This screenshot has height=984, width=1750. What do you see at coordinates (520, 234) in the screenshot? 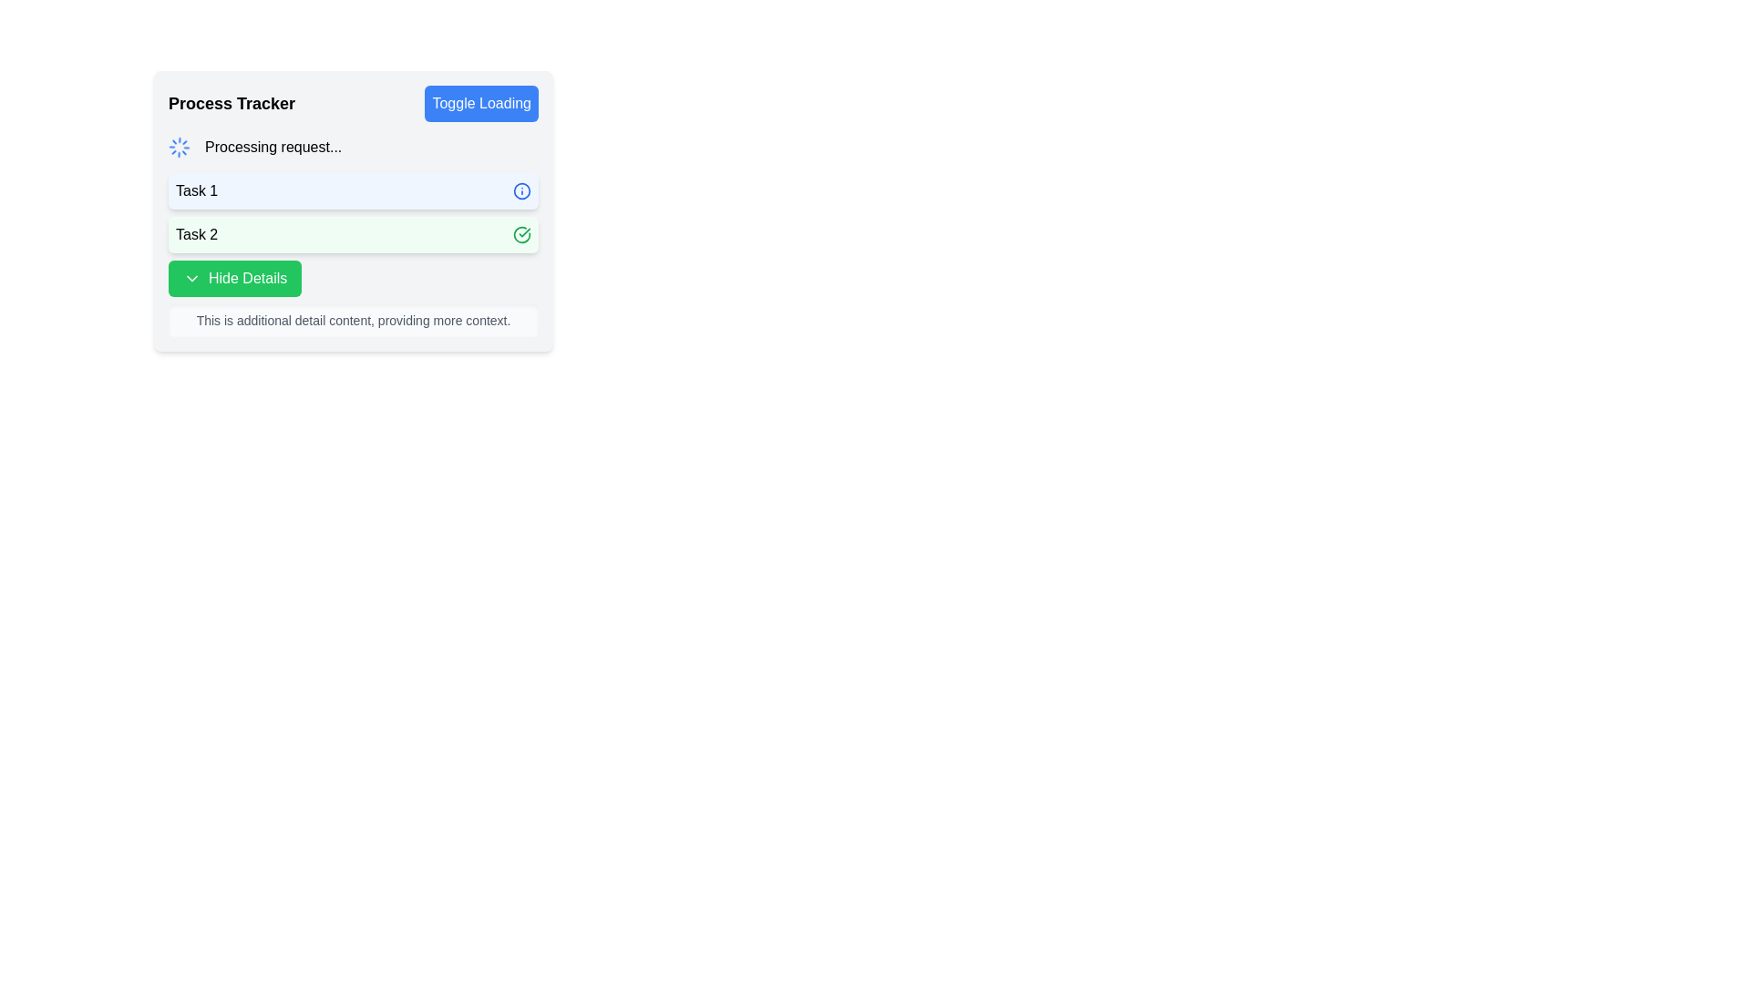
I see `the success icon located at the far right of the 'Task 2' row, which is styled with green accents` at bounding box center [520, 234].